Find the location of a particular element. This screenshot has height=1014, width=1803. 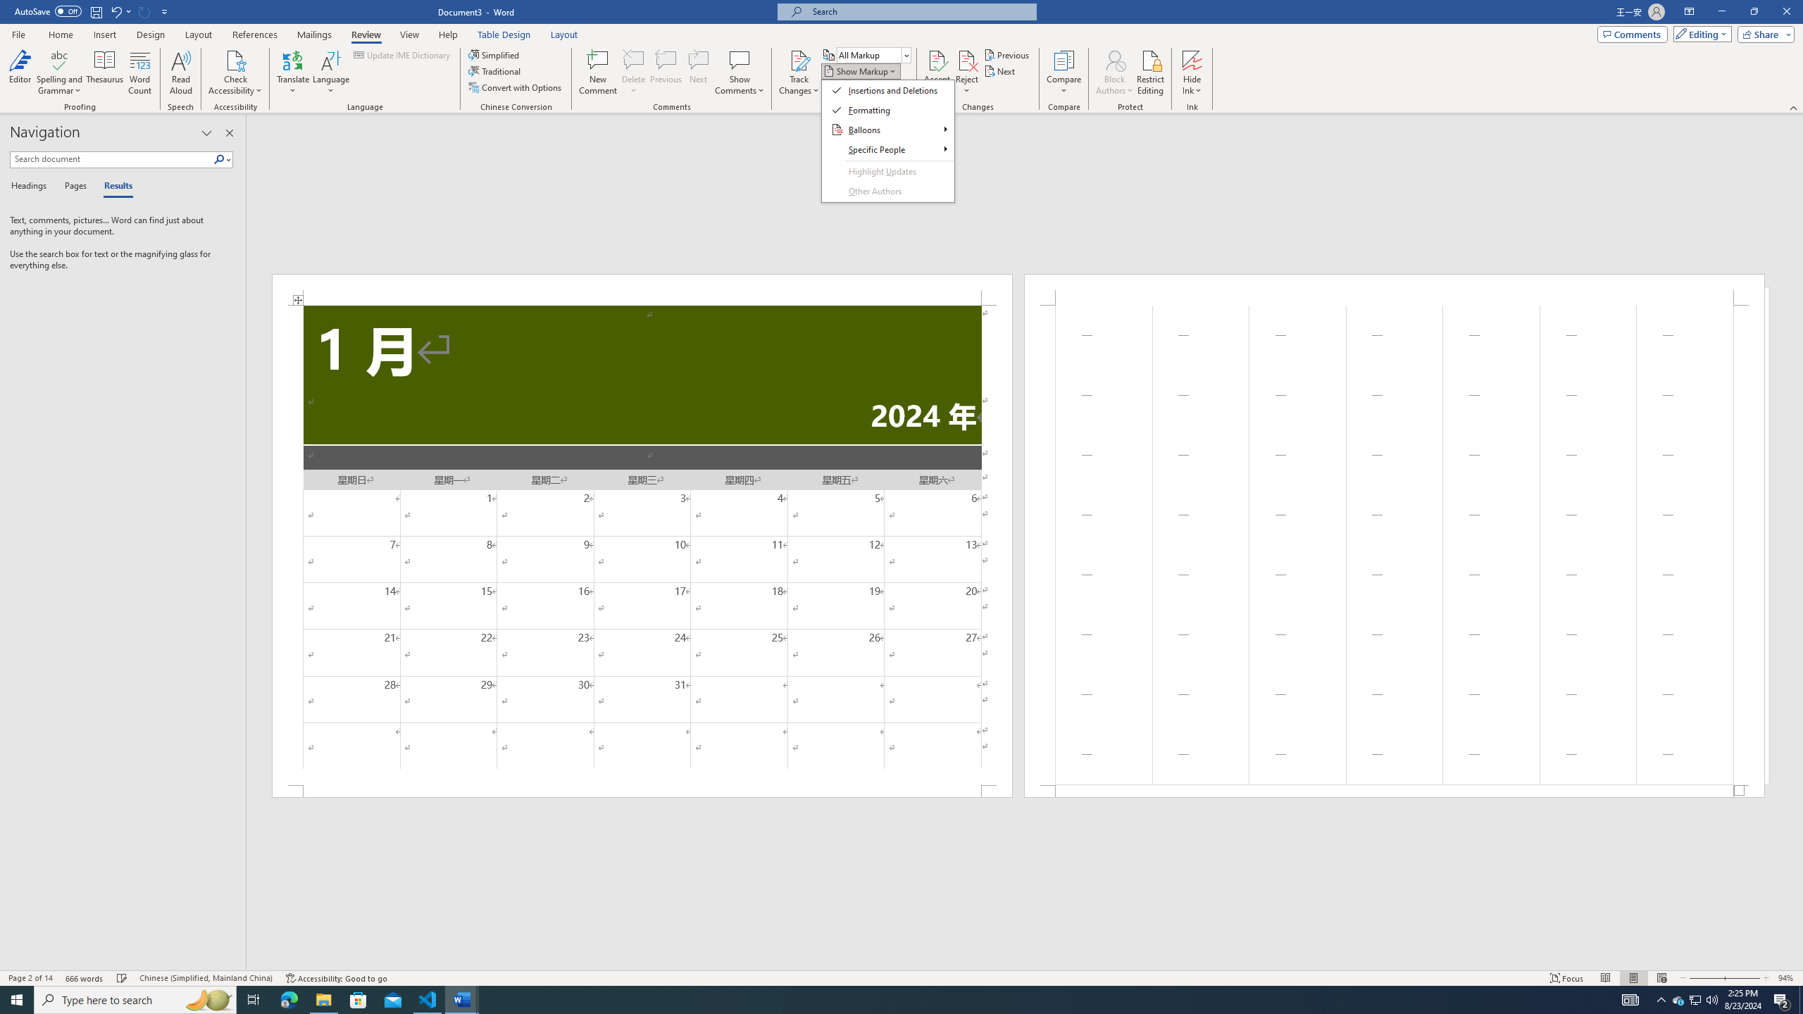

'Hide Ink' is located at coordinates (1192, 59).